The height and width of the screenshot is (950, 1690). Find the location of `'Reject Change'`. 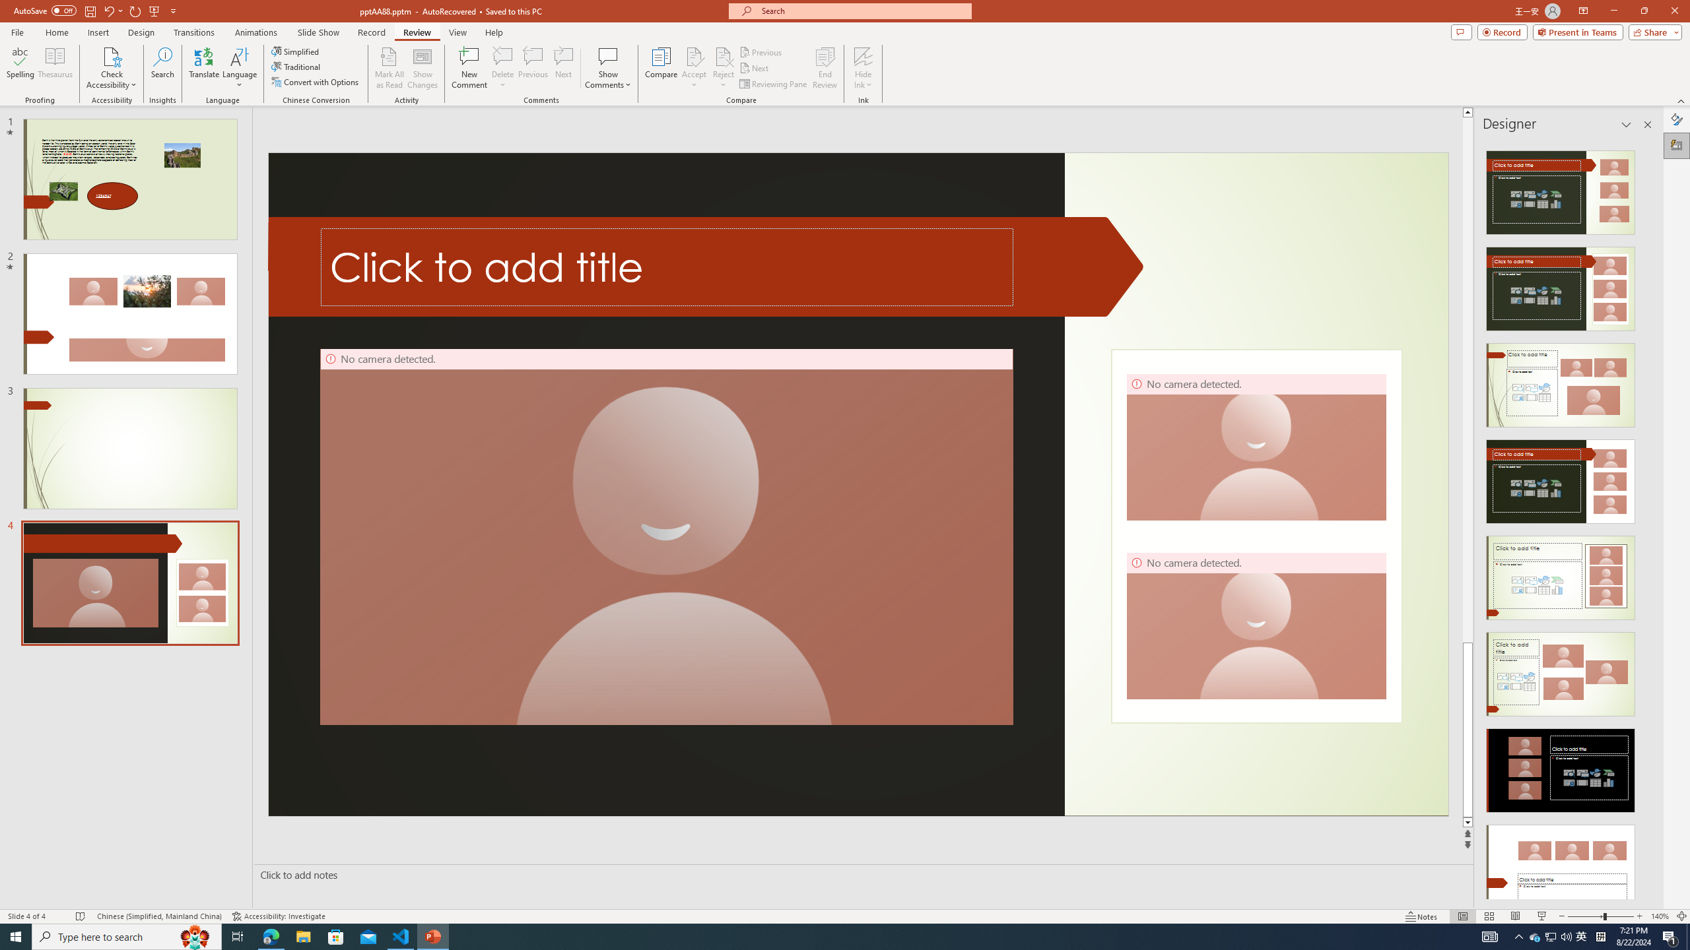

'Reject Change' is located at coordinates (722, 55).